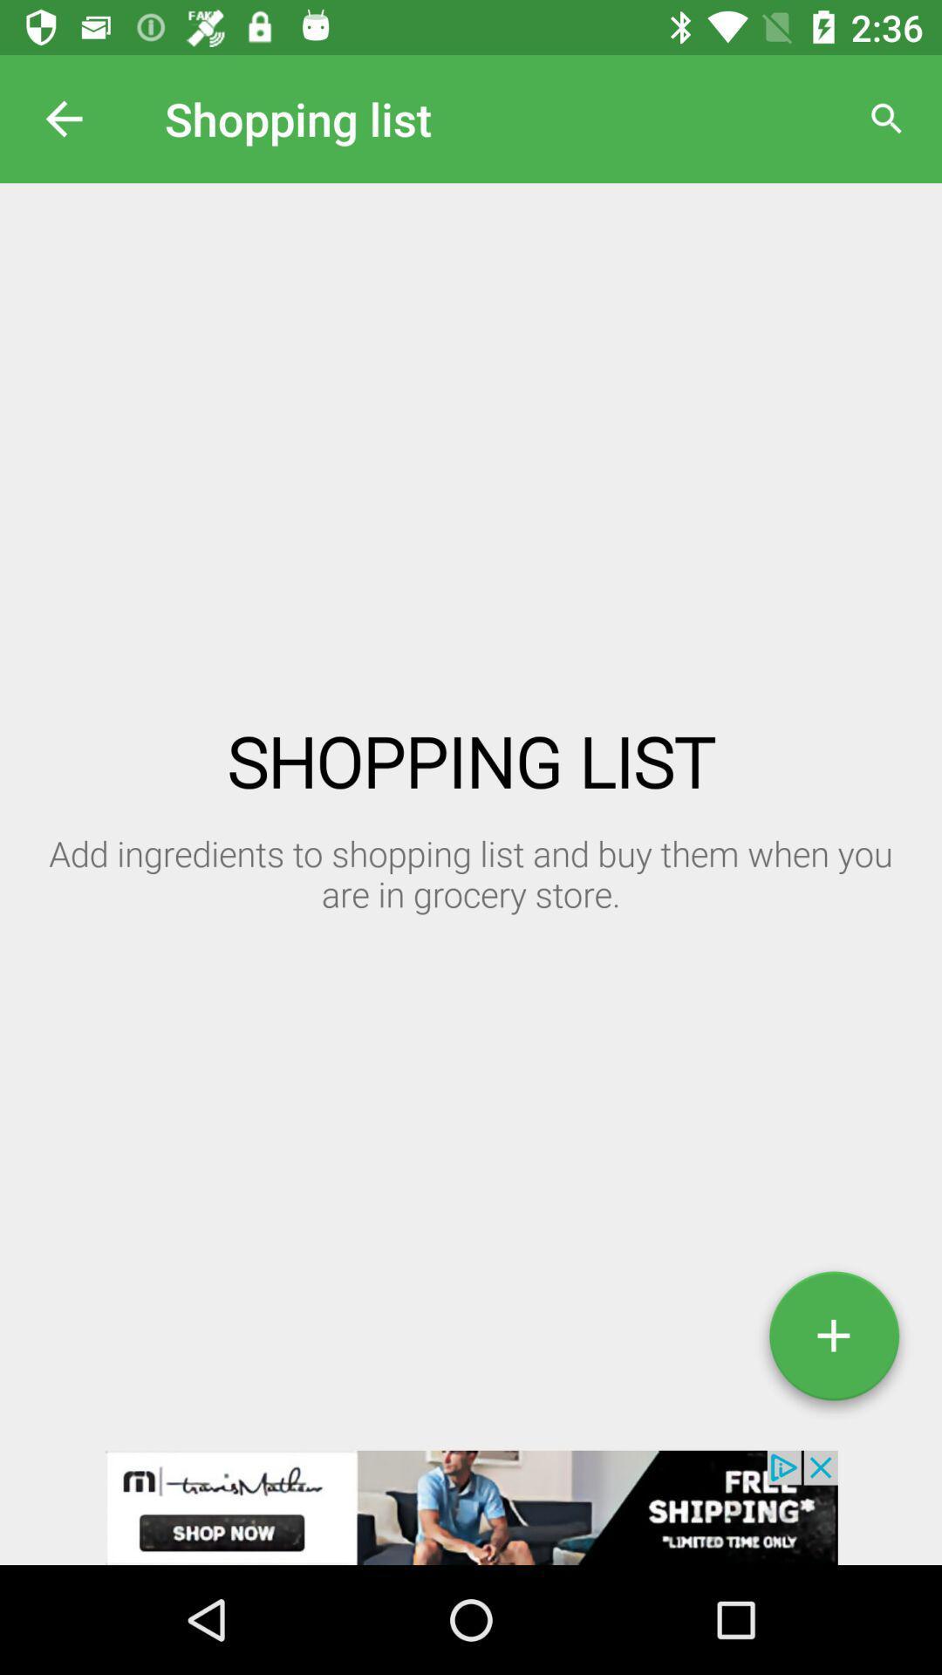 The width and height of the screenshot is (942, 1675). I want to click on the add icon, so click(833, 1342).